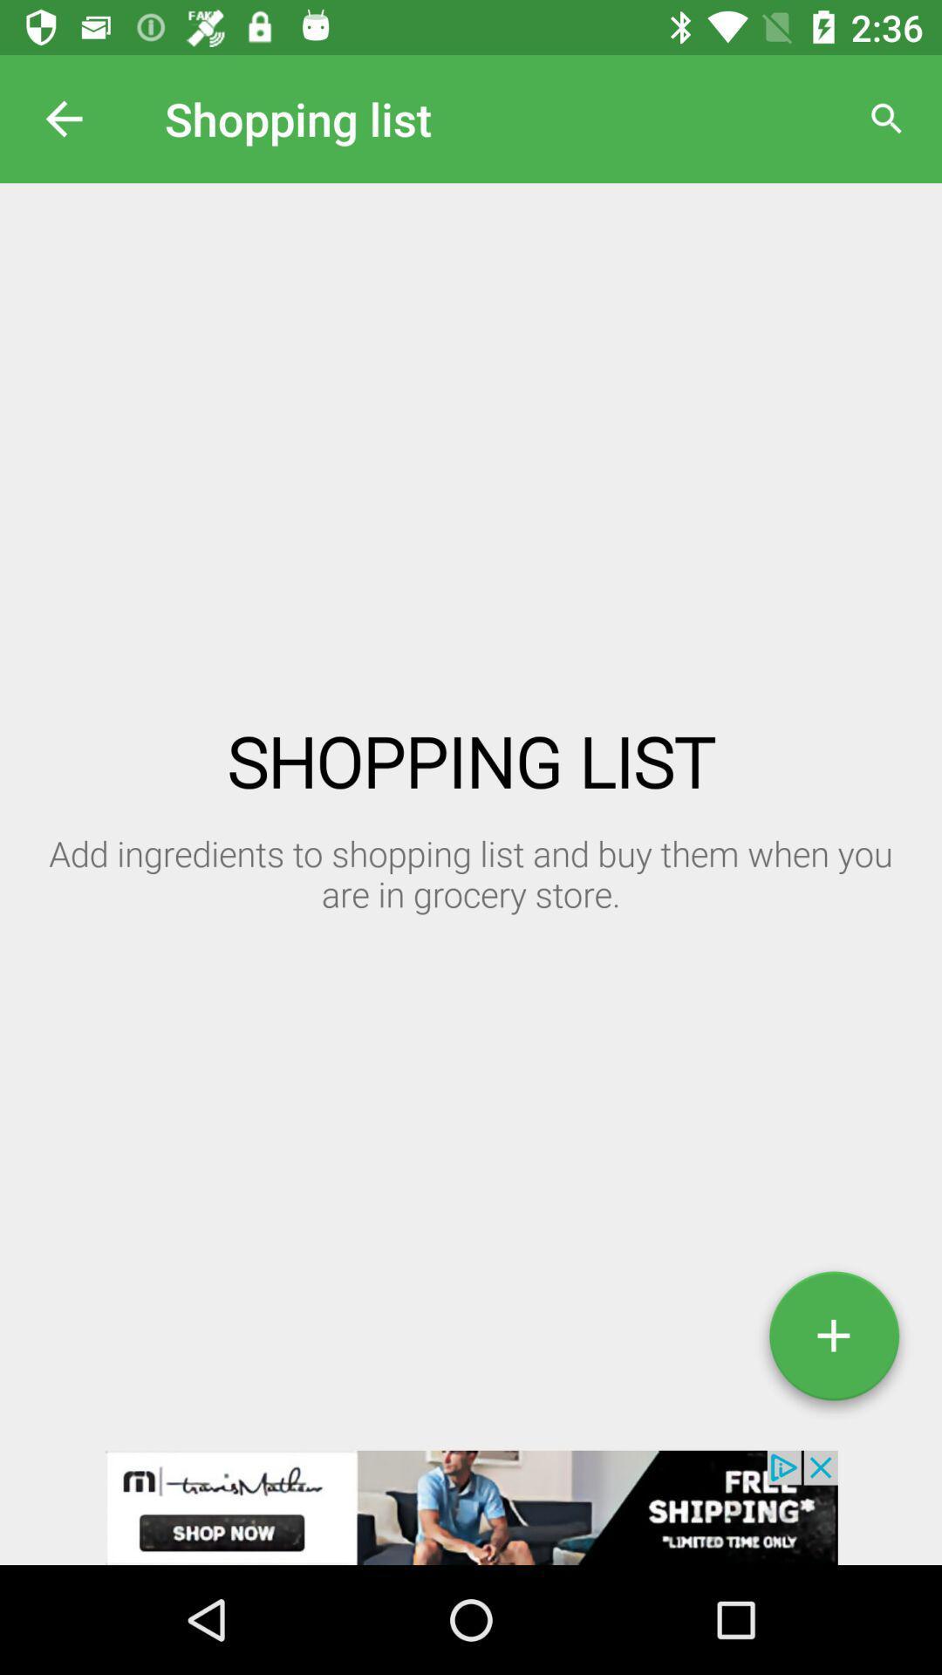 The width and height of the screenshot is (942, 1675). I want to click on the add icon, so click(833, 1342).